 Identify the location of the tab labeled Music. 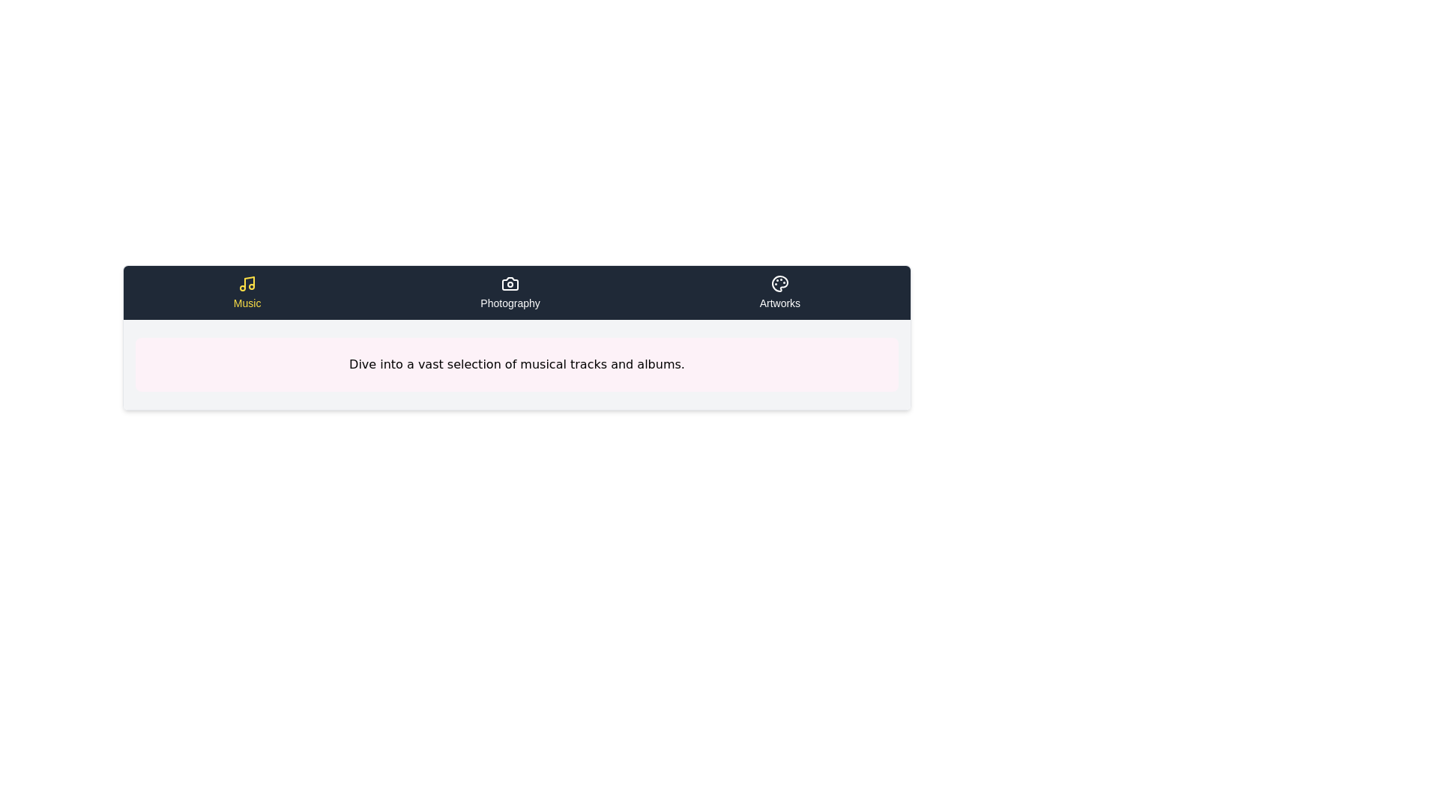
(247, 292).